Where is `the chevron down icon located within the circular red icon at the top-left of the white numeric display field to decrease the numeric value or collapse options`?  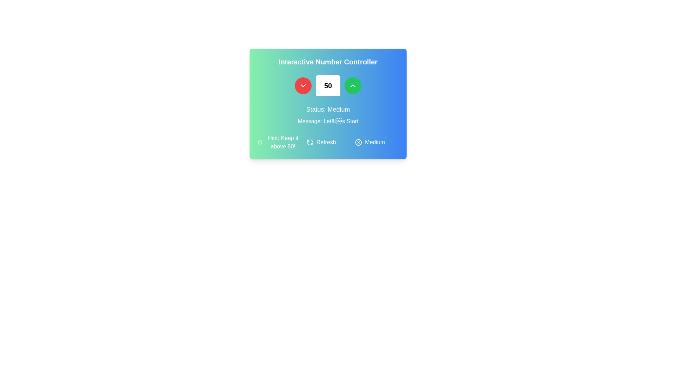
the chevron down icon located within the circular red icon at the top-left of the white numeric display field to decrease the numeric value or collapse options is located at coordinates (303, 85).